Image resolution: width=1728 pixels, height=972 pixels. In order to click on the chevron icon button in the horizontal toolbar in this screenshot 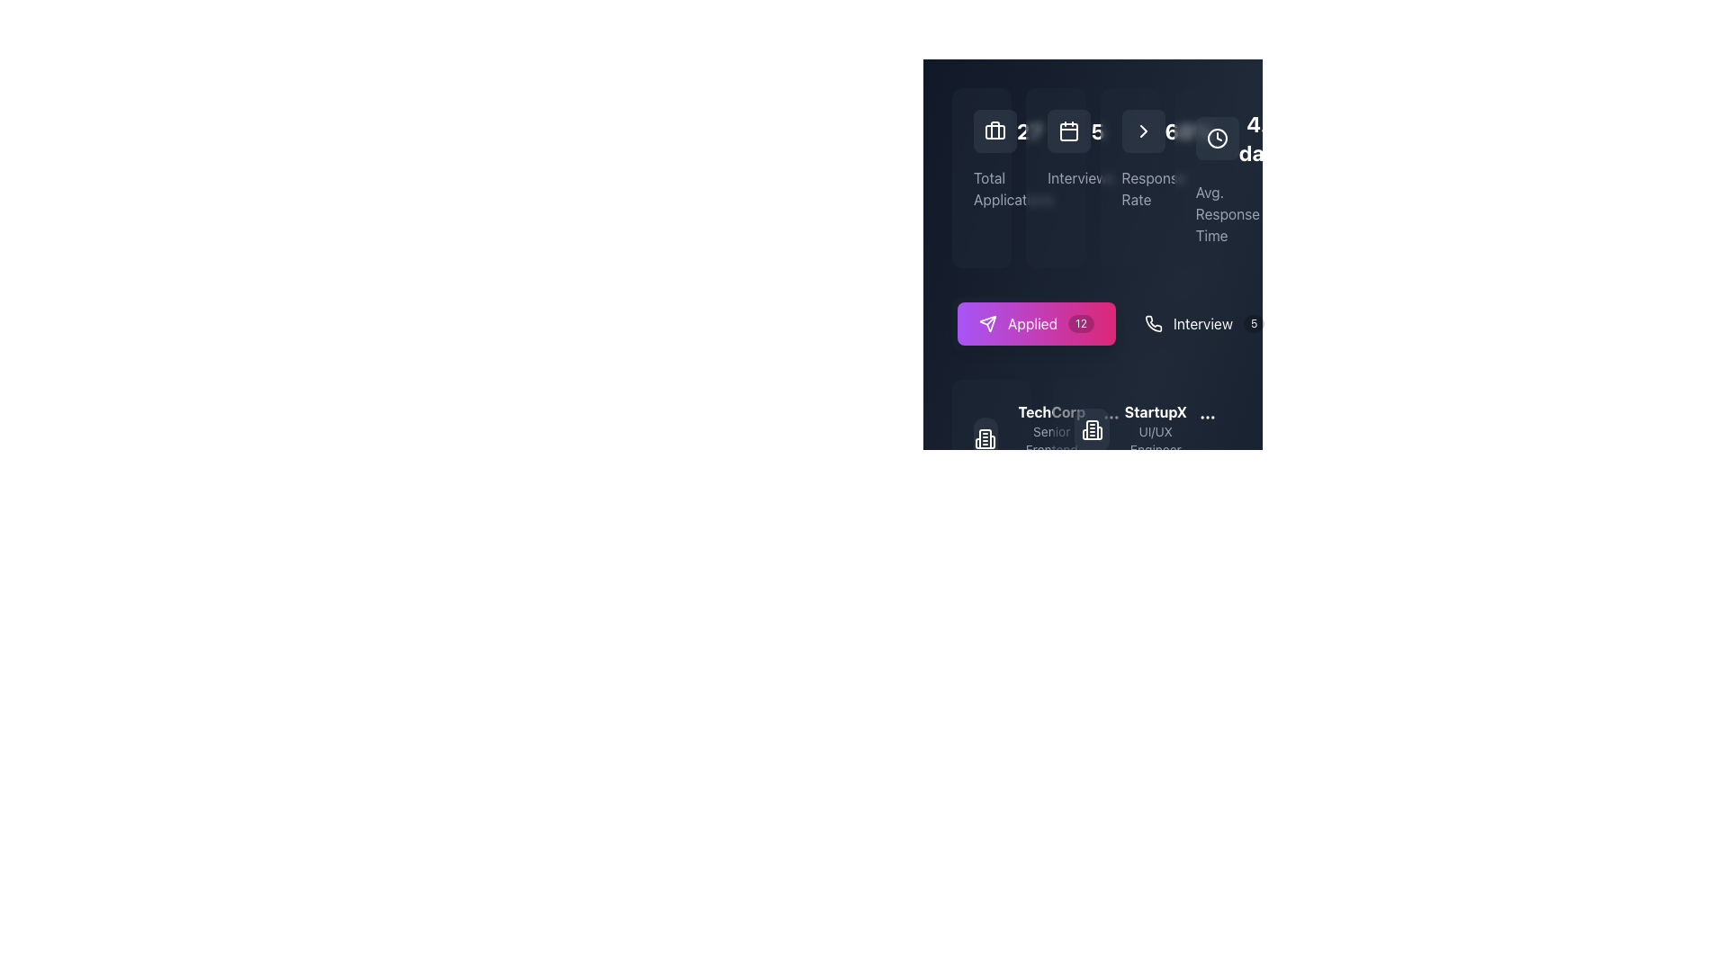, I will do `click(1142, 130)`.